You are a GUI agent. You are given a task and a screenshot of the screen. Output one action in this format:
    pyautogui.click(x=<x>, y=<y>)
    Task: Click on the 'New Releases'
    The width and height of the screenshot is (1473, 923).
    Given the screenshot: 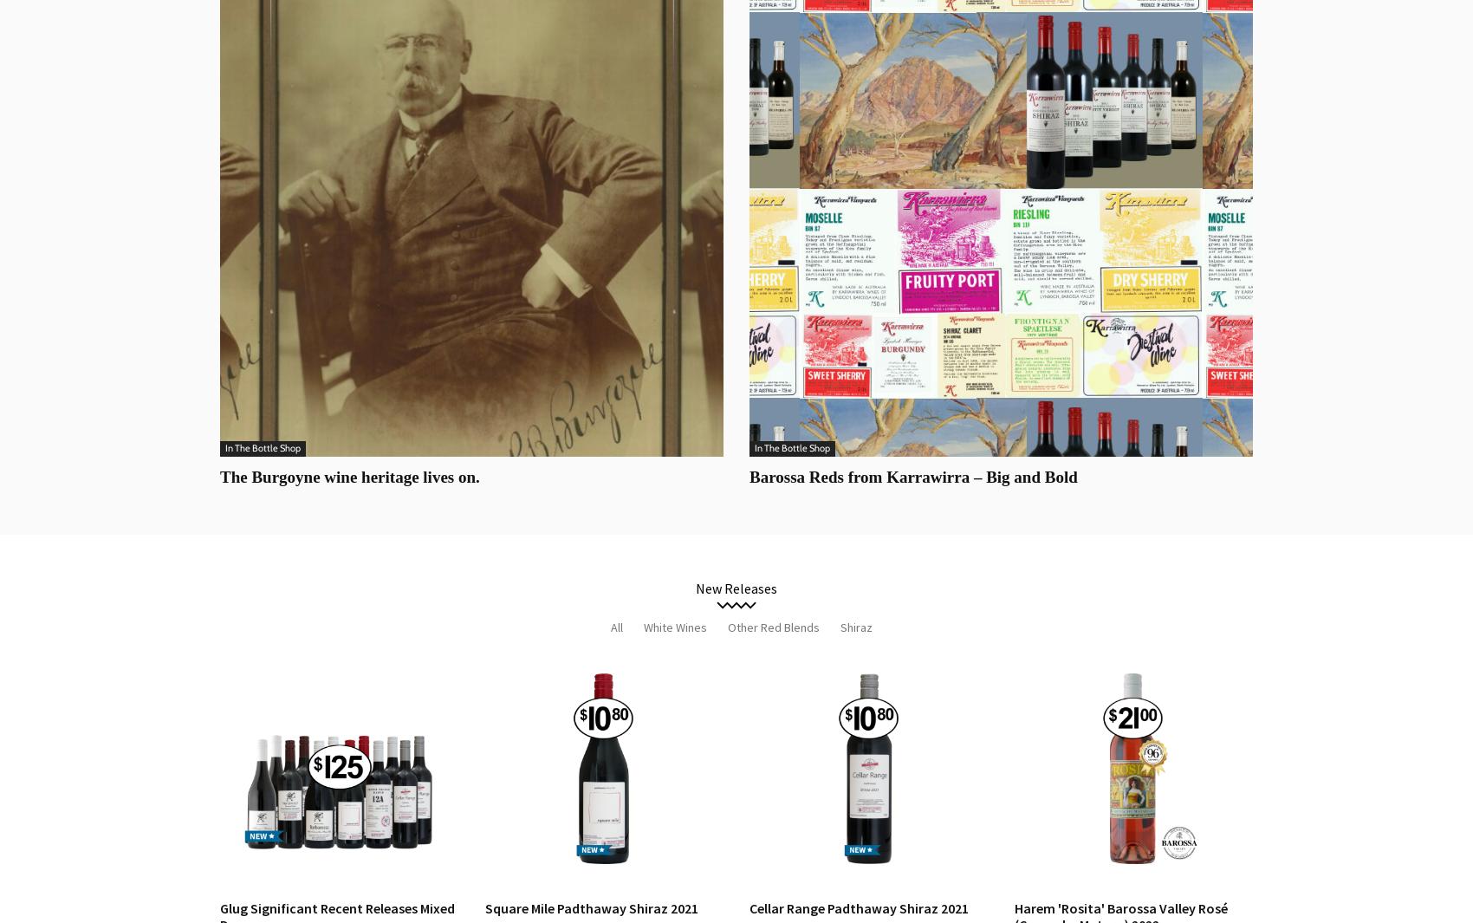 What is the action you would take?
    pyautogui.click(x=736, y=588)
    